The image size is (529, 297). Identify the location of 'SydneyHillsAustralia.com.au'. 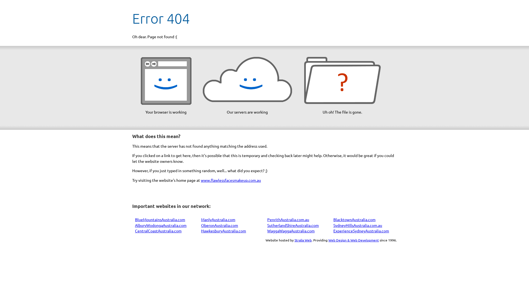
(358, 225).